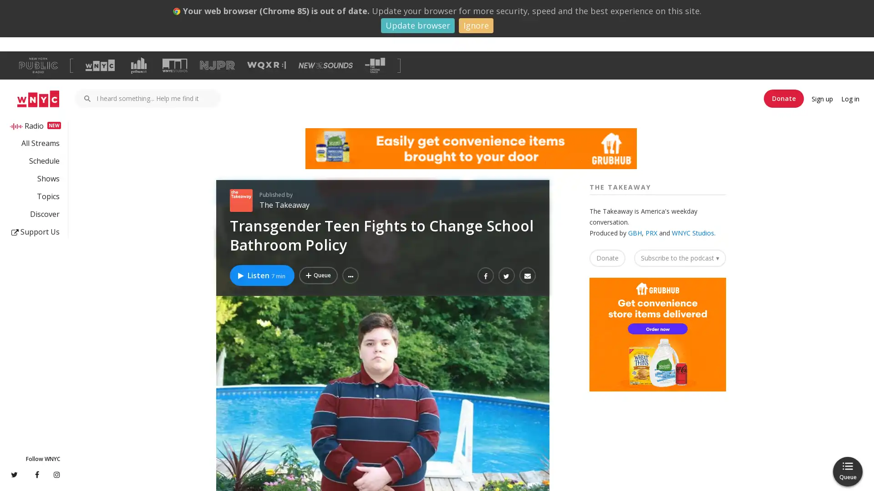 Image resolution: width=874 pixels, height=491 pixels. I want to click on Listen to Transgender Teen Fights to Change School Bathroom Policy, so click(262, 275).